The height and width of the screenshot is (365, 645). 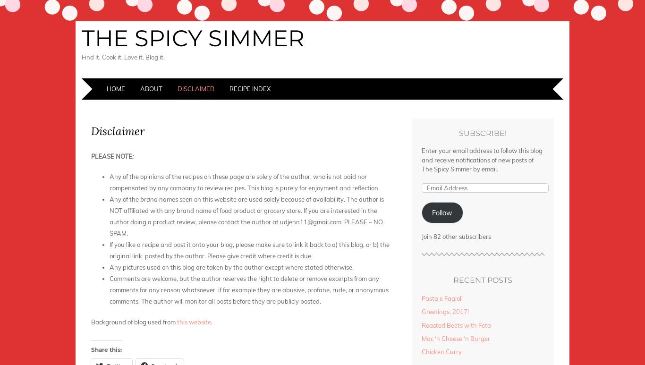 What do you see at coordinates (456, 236) in the screenshot?
I see `'Join 82 other subscribers'` at bounding box center [456, 236].